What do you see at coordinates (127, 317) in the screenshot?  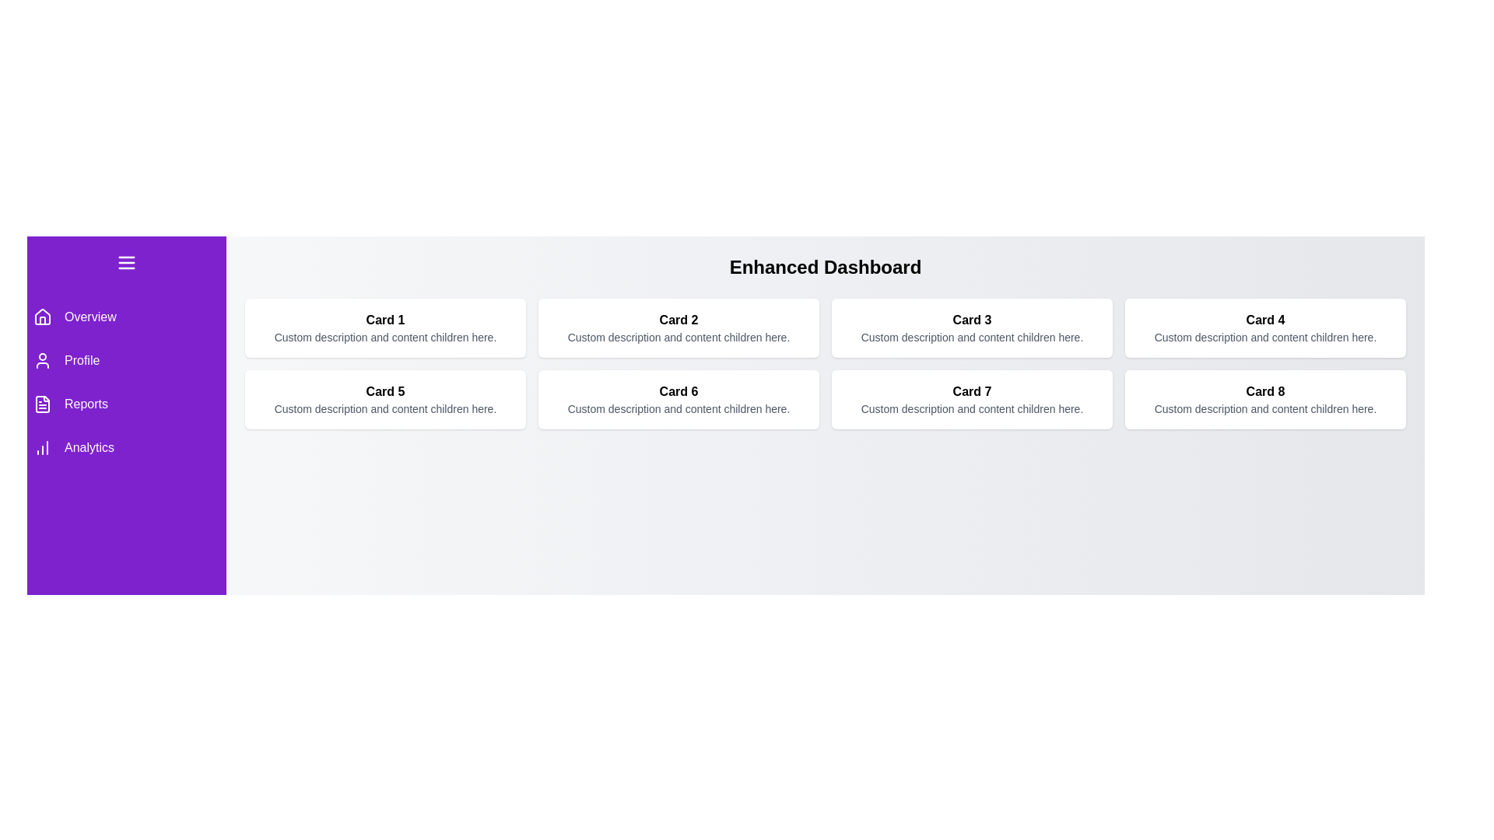 I see `the menu item Overview to navigate to the corresponding section` at bounding box center [127, 317].